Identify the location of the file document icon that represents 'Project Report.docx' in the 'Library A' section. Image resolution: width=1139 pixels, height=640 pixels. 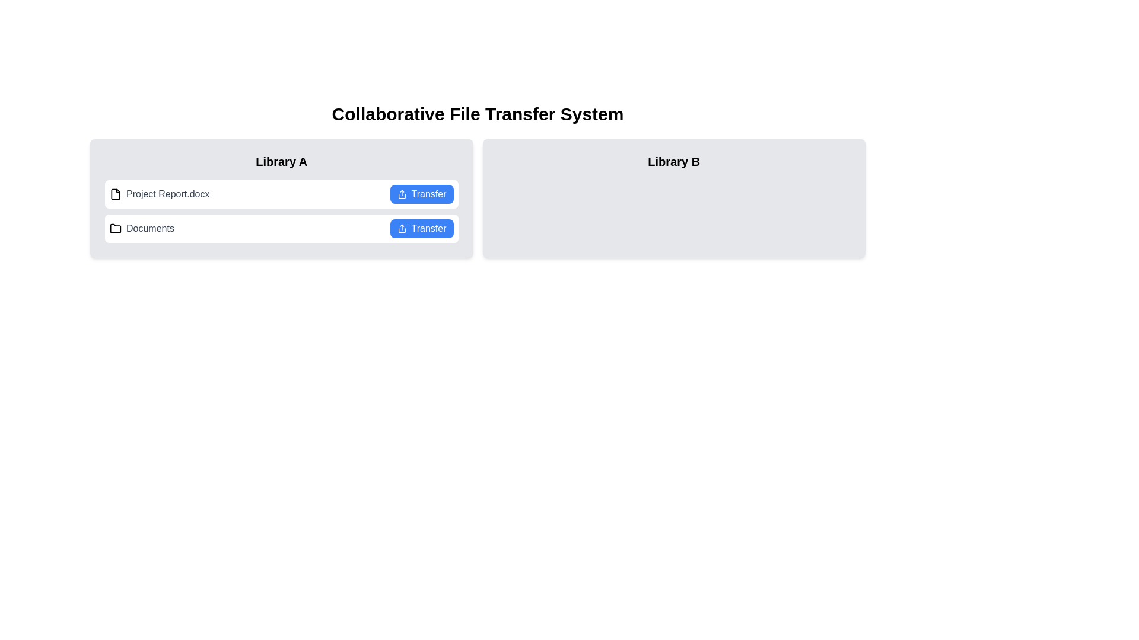
(116, 193).